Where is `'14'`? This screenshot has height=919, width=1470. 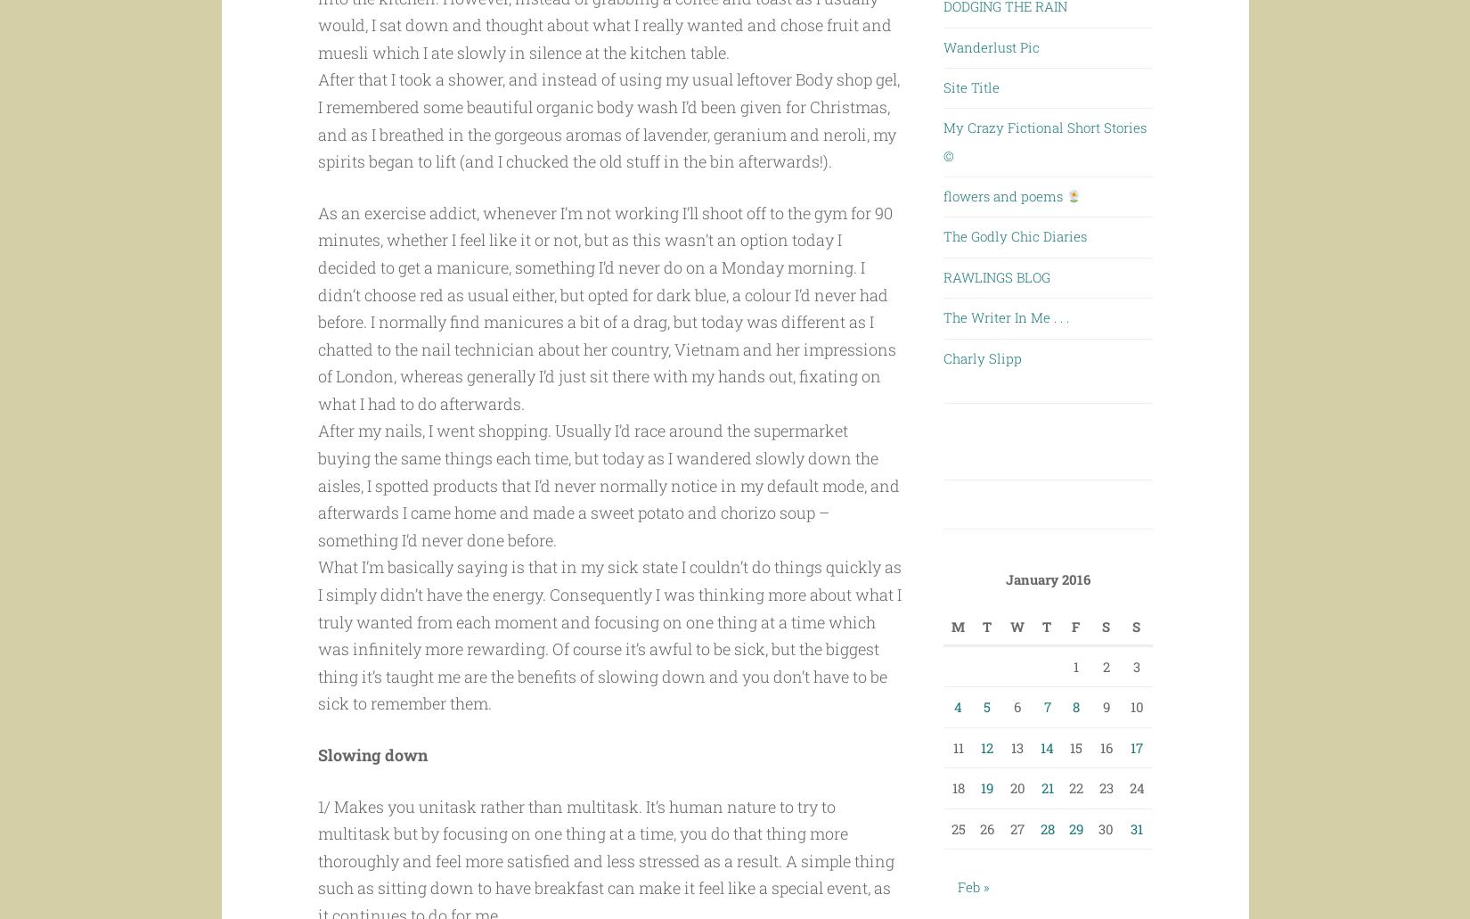 '14' is located at coordinates (1041, 746).